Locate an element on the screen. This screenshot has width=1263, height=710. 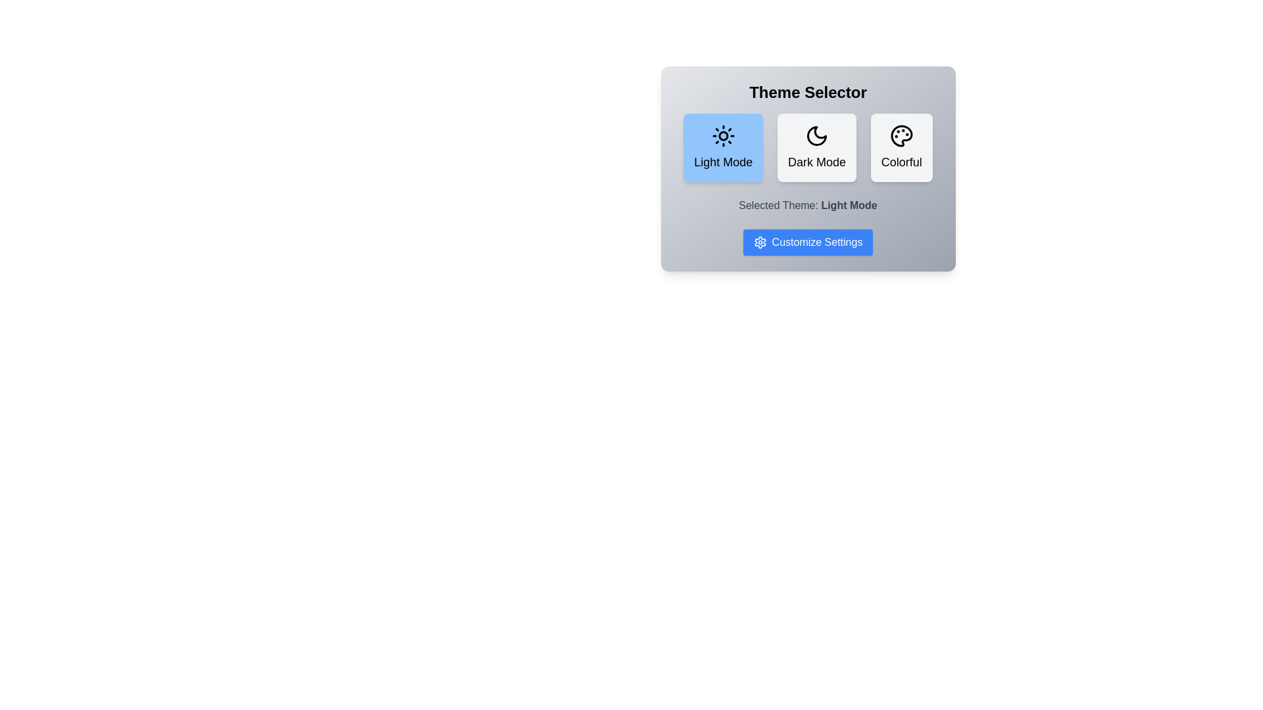
the 'Customize Settings' button is located at coordinates (807, 243).